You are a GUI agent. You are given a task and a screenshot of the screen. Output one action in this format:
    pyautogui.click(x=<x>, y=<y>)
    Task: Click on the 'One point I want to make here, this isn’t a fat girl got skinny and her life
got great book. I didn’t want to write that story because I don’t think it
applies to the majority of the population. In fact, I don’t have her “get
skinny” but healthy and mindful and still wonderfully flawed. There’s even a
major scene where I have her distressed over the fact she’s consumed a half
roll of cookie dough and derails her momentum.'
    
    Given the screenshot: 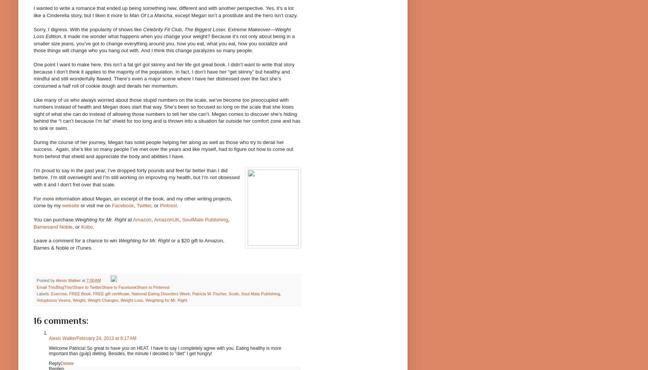 What is the action you would take?
    pyautogui.click(x=163, y=75)
    